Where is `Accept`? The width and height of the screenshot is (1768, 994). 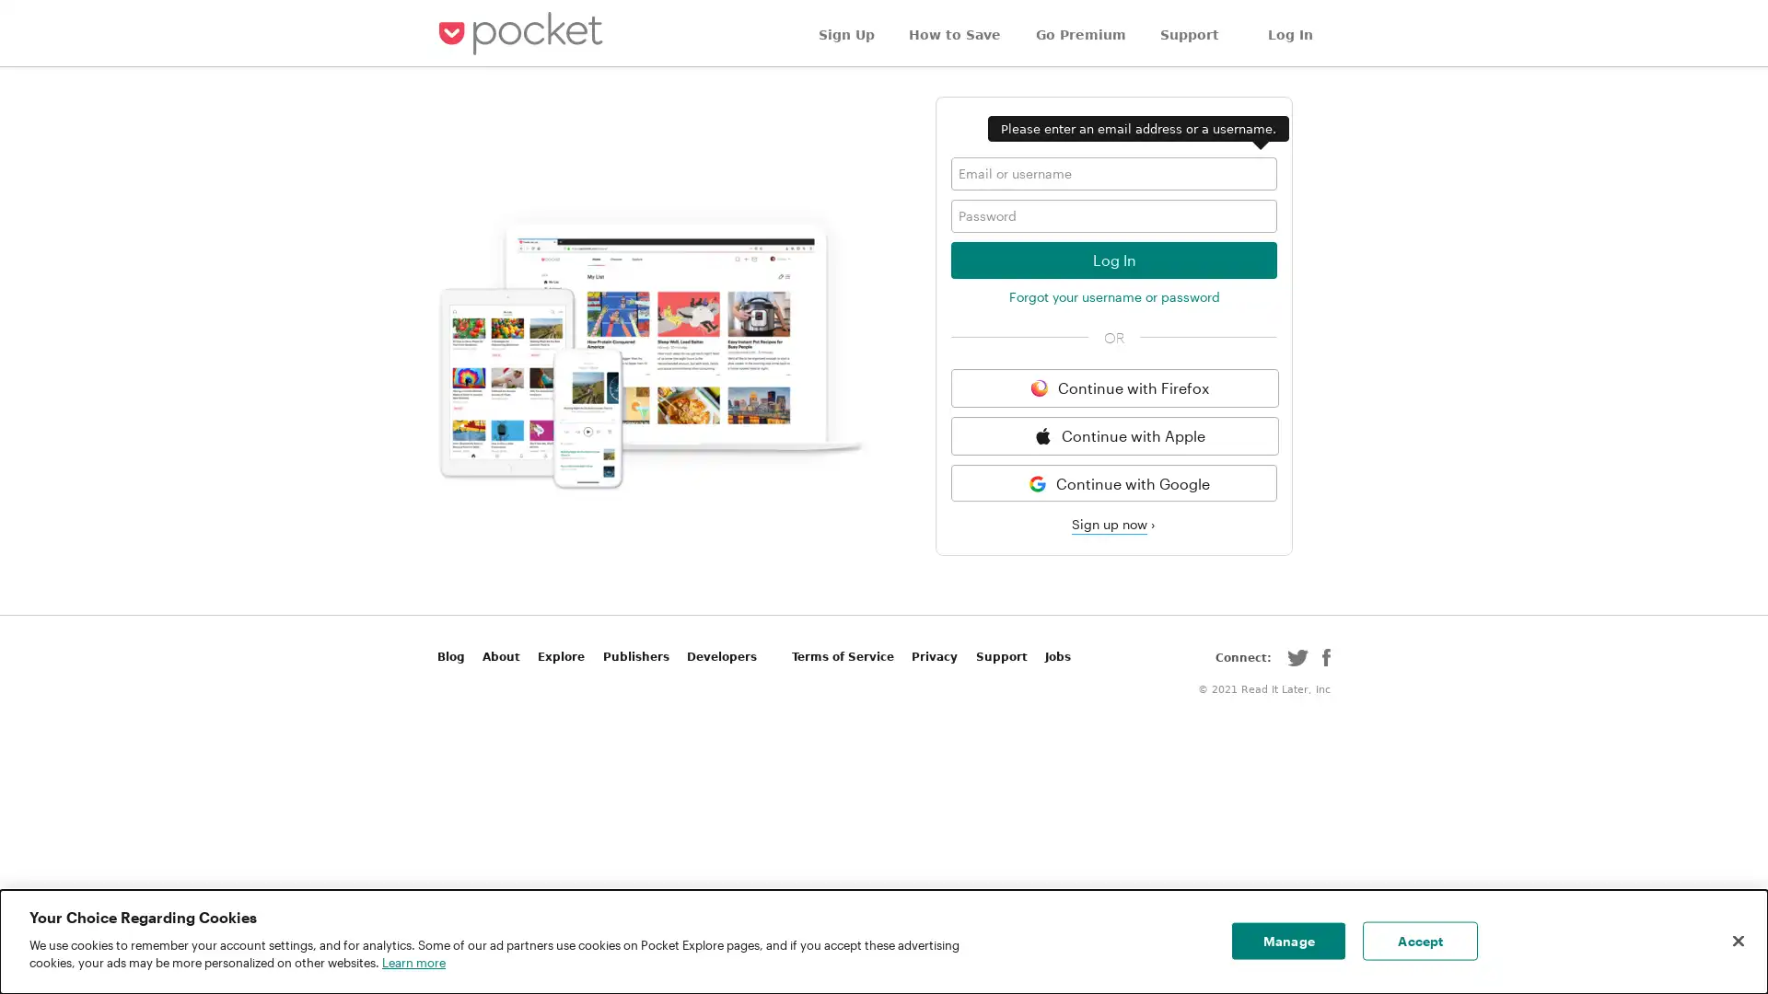
Accept is located at coordinates (1419, 941).